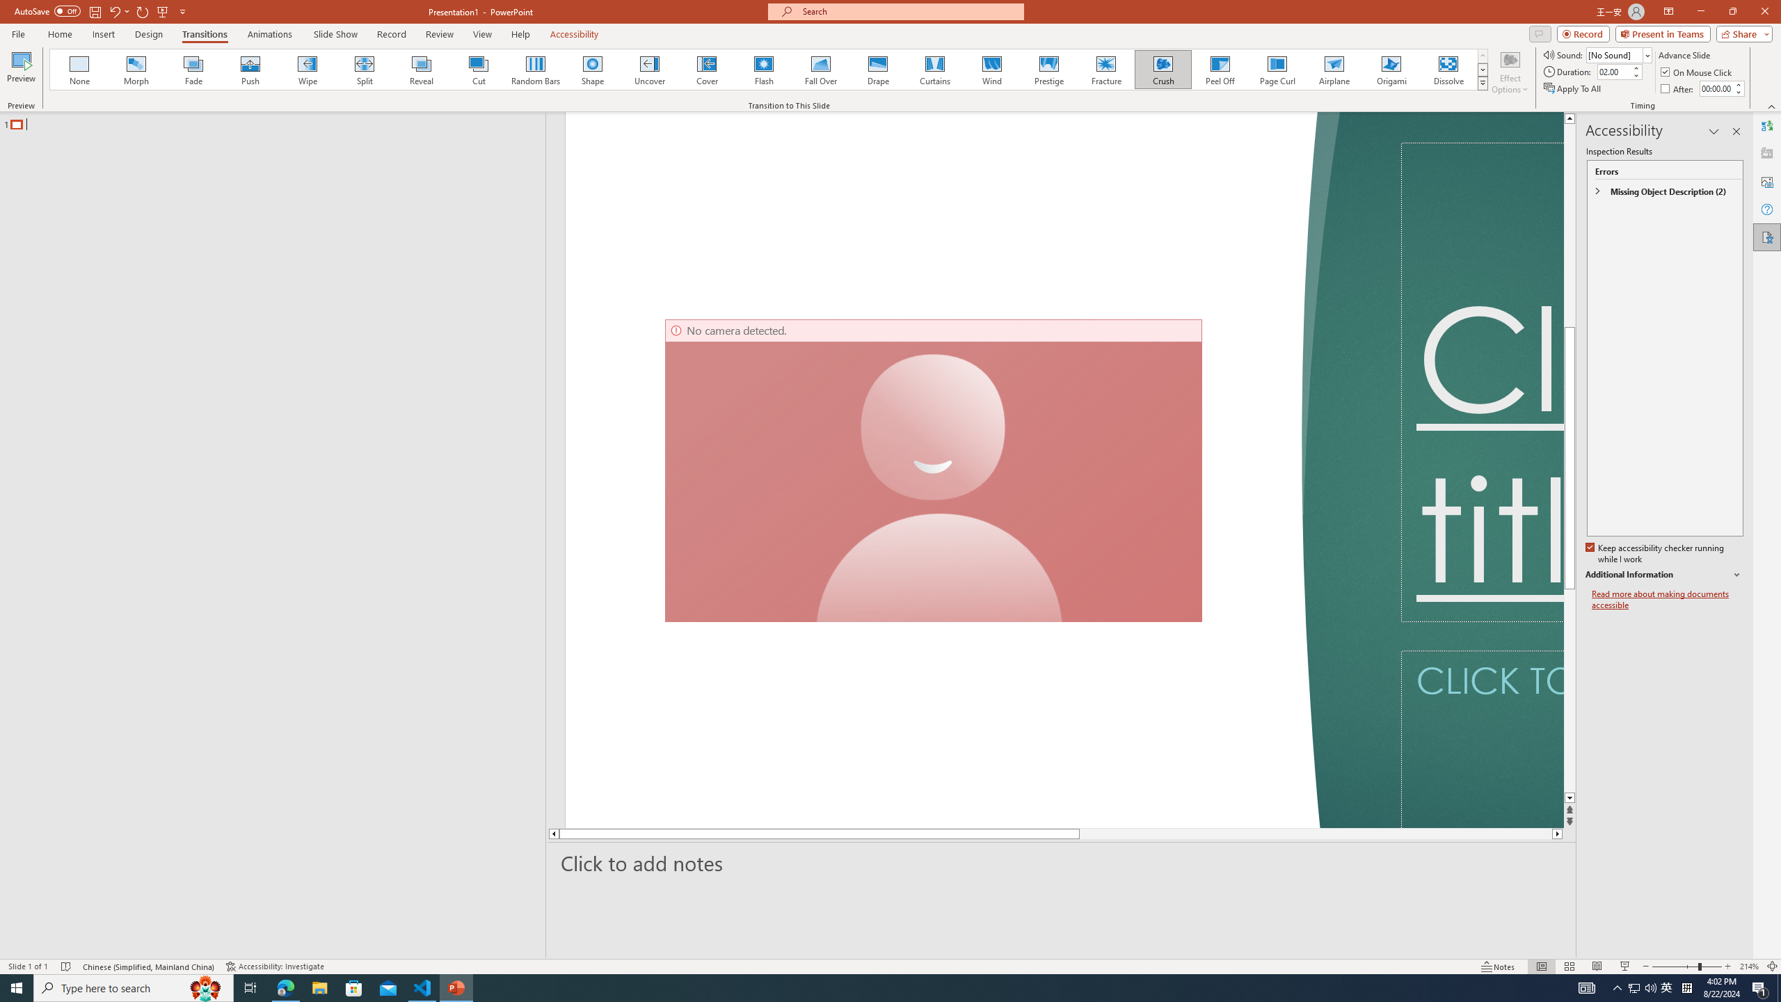 This screenshot has height=1002, width=1781. I want to click on 'Apply To All', so click(1574, 88).